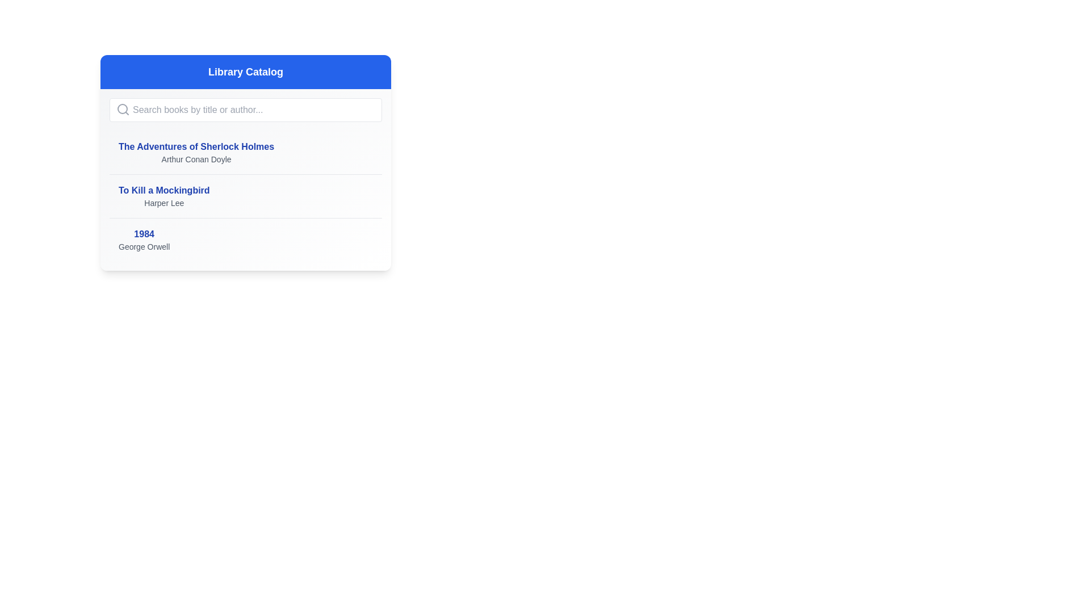 Image resolution: width=1090 pixels, height=613 pixels. Describe the element at coordinates (163, 190) in the screenshot. I see `title text 'To Kill a Mockingbird' which is displayed in a bold blue font, located centrally in the list structure below 'The Adventures of Sherlock Holmes'` at that location.